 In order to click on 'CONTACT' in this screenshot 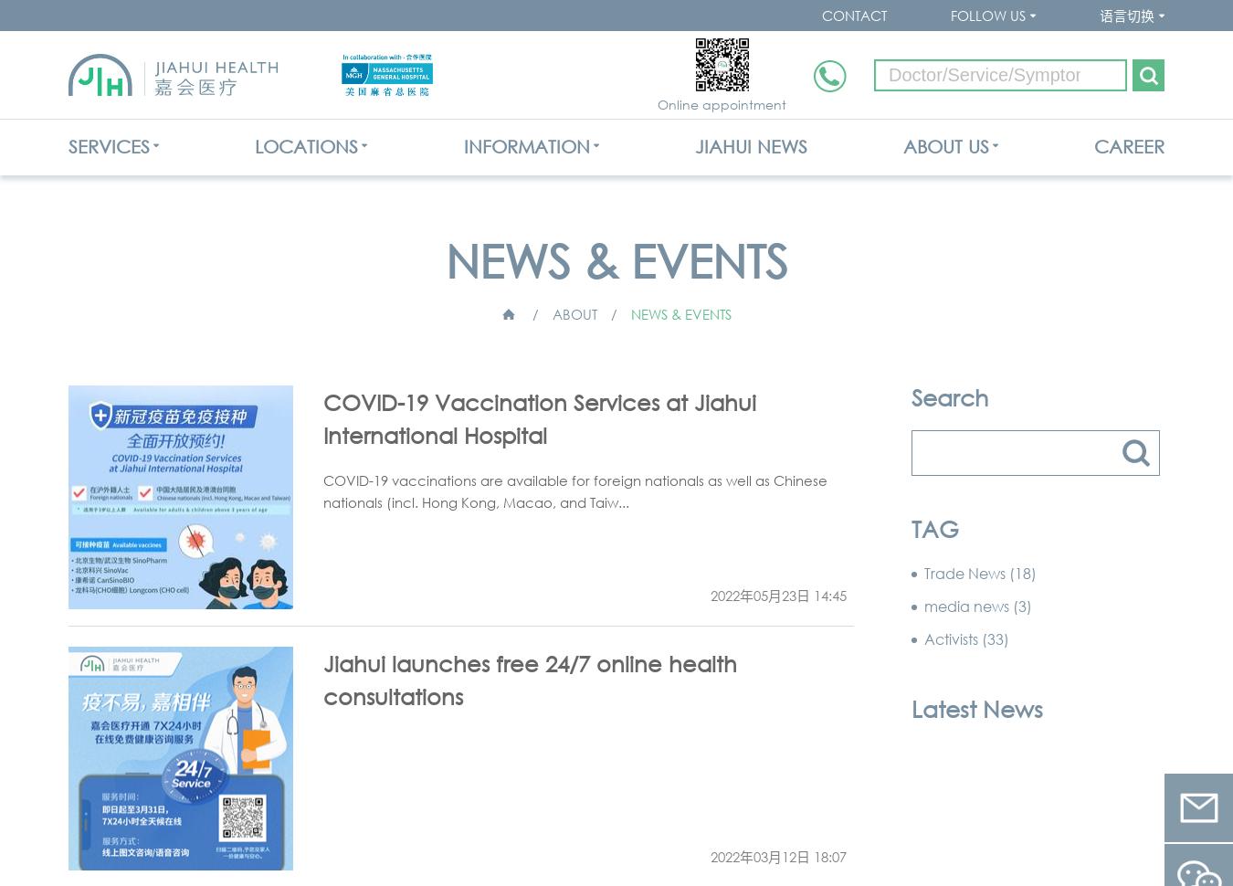, I will do `click(853, 15)`.